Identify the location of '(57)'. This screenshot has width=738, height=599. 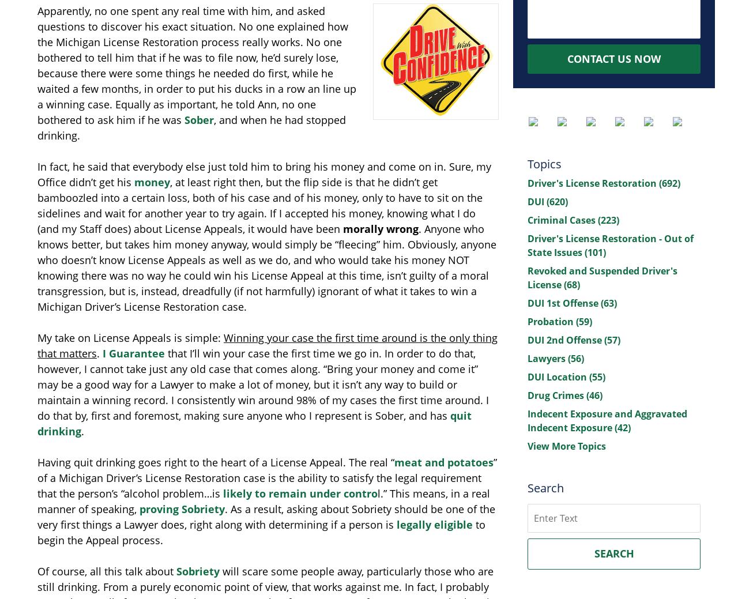
(603, 340).